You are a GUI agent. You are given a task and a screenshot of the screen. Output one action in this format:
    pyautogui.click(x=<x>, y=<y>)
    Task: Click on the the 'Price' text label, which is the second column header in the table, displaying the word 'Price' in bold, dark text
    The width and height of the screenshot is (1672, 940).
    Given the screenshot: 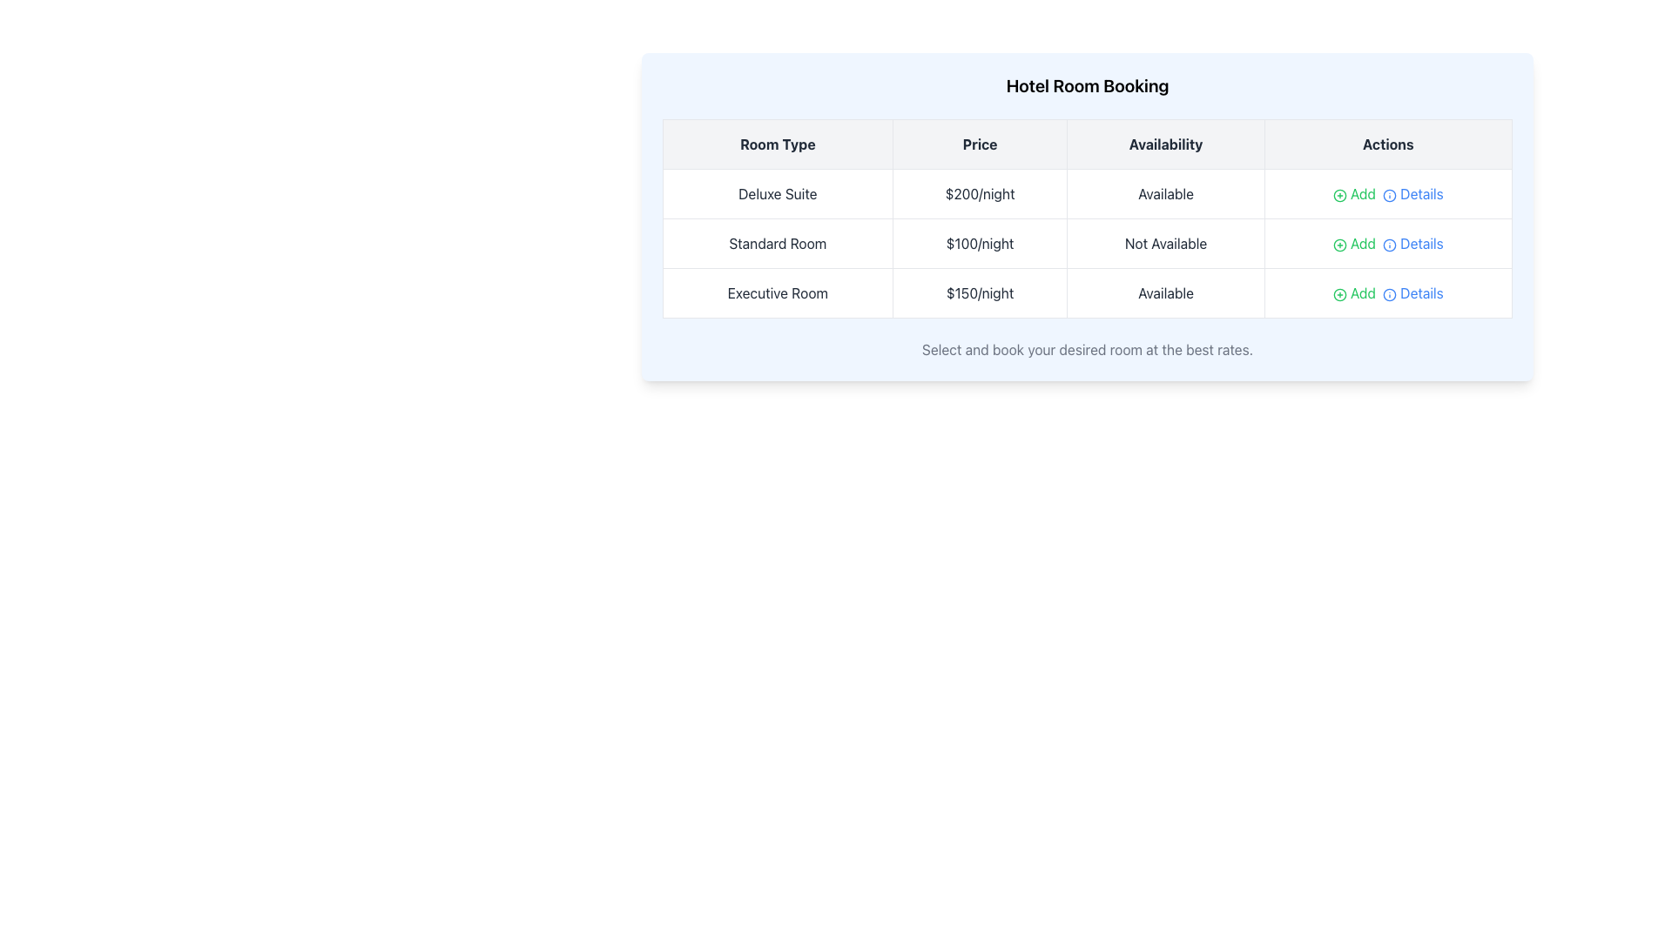 What is the action you would take?
    pyautogui.click(x=980, y=143)
    